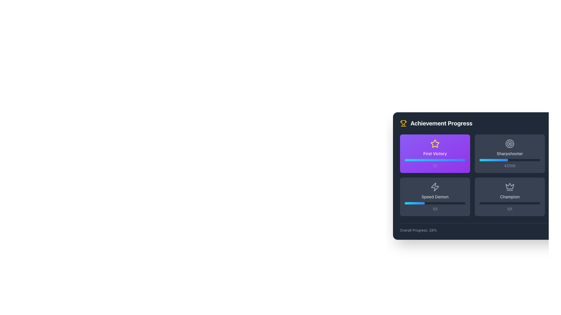 This screenshot has height=315, width=561. Describe the element at coordinates (435, 197) in the screenshot. I see `the second Achievement progress card in the 'Achievement Progress' section` at that location.